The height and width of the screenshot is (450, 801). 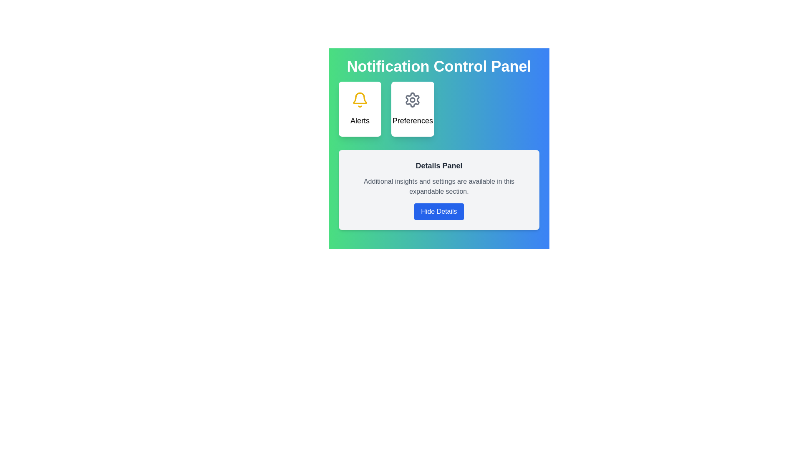 What do you see at coordinates (360, 109) in the screenshot?
I see `the 'Alerts' card located in the top-left corner of the card grid layout` at bounding box center [360, 109].